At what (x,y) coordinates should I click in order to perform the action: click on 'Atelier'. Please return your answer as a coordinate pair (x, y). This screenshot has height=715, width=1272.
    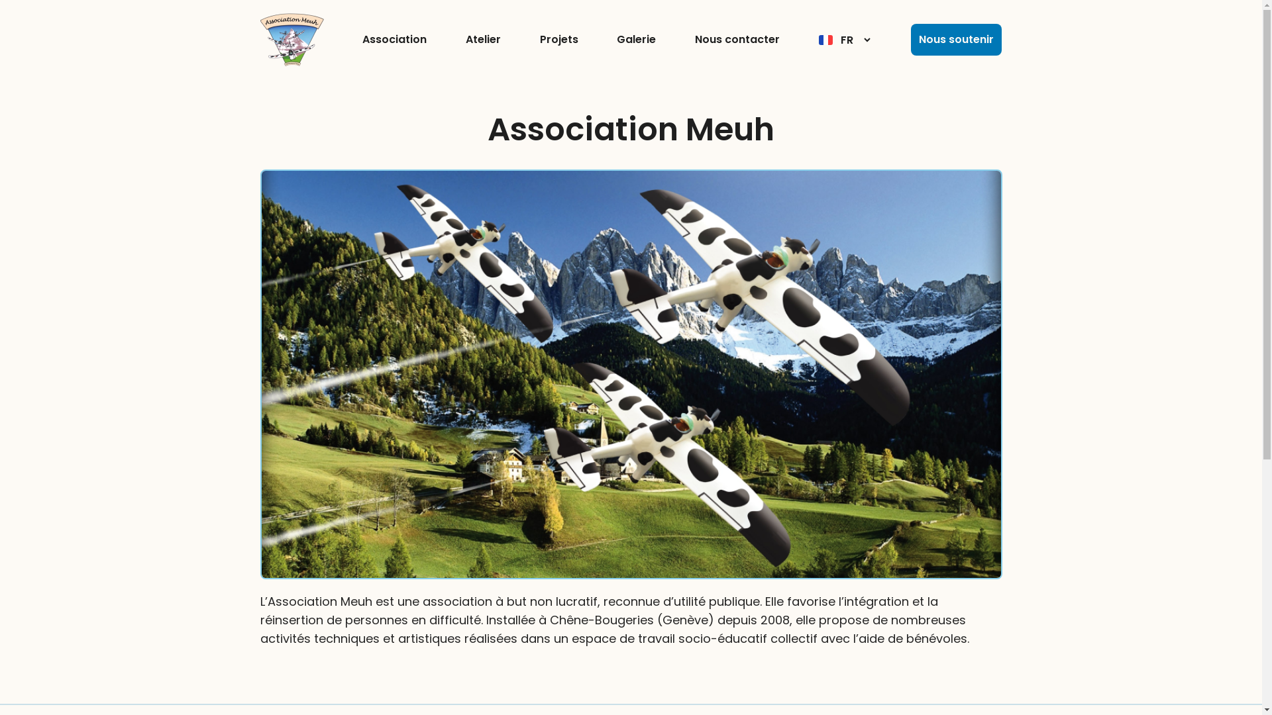
    Looking at the image, I should click on (482, 39).